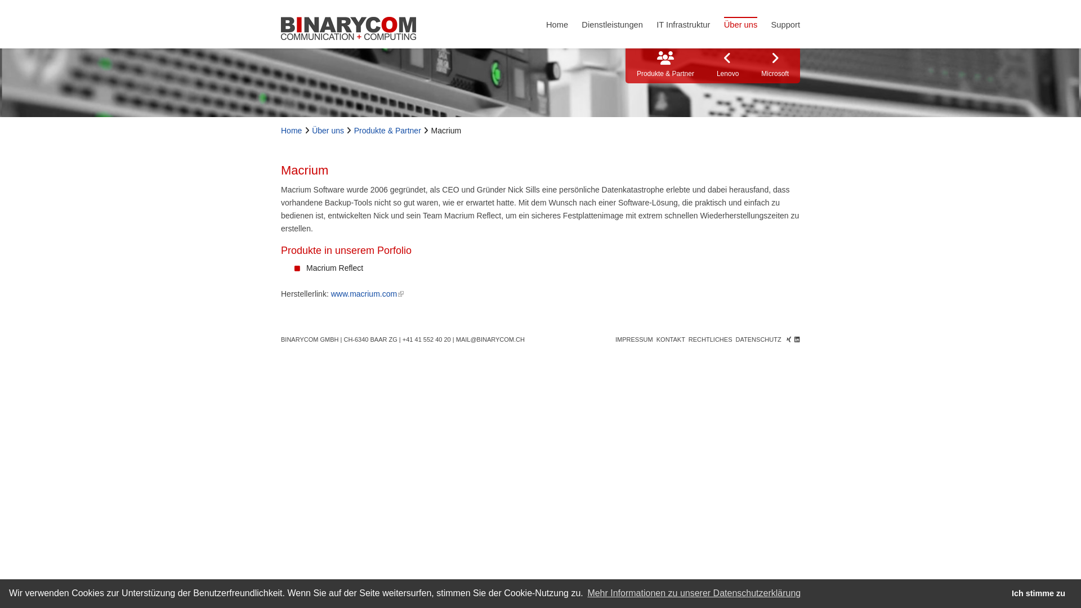 The image size is (1081, 608). Describe the element at coordinates (656, 338) in the screenshot. I see `'KONTAKT'` at that location.